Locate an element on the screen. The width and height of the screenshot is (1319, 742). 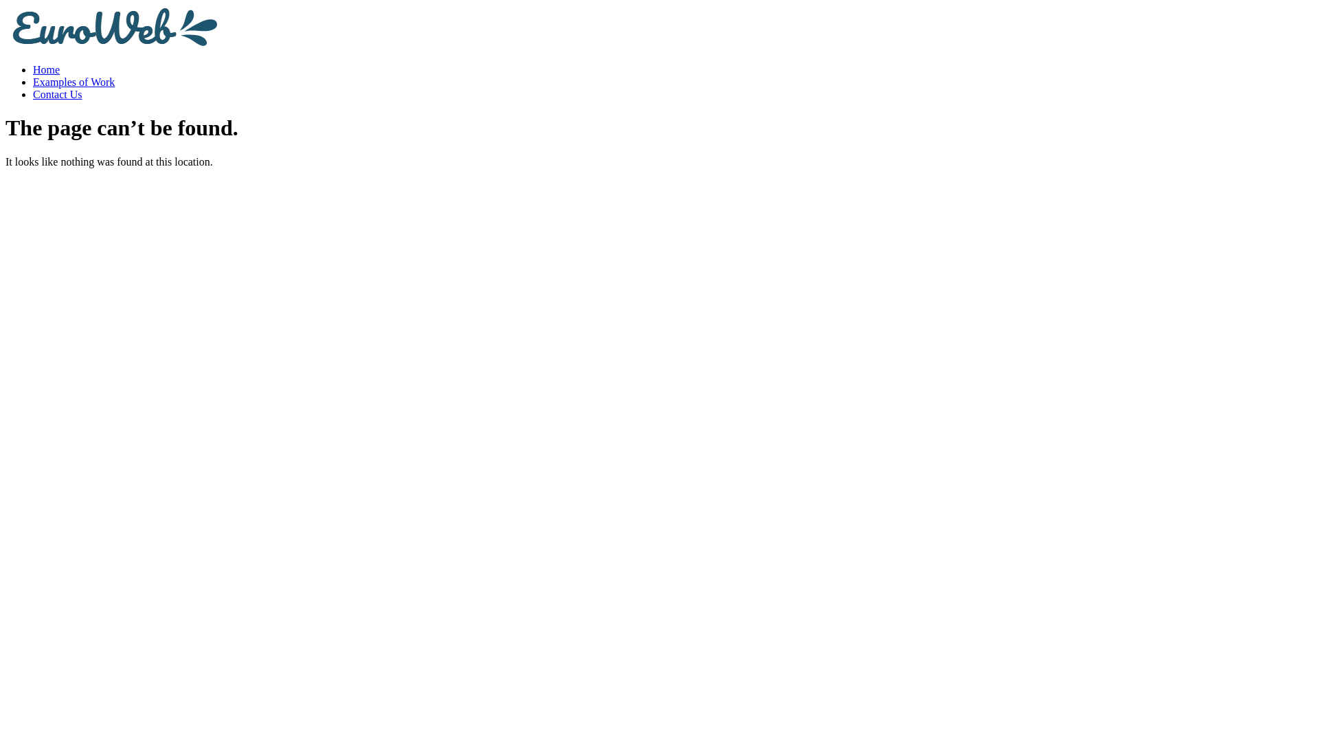
'Contact Us' is located at coordinates (56, 93).